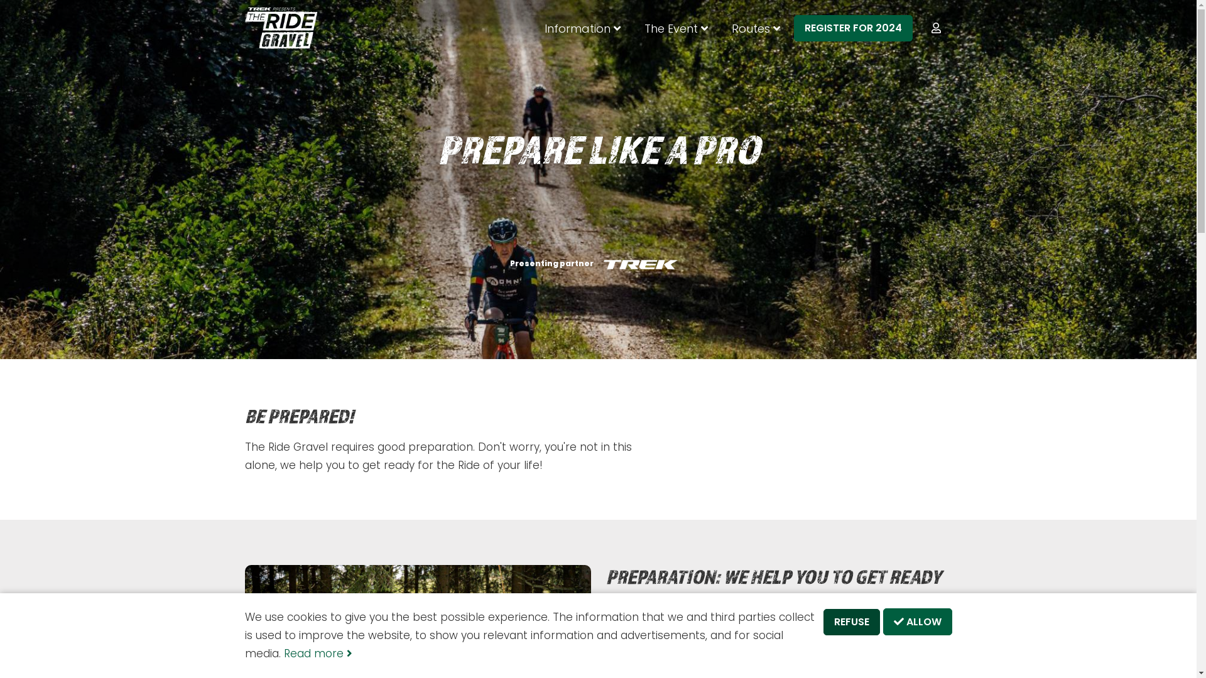 This screenshot has width=1206, height=678. What do you see at coordinates (823, 622) in the screenshot?
I see `'REFUSE'` at bounding box center [823, 622].